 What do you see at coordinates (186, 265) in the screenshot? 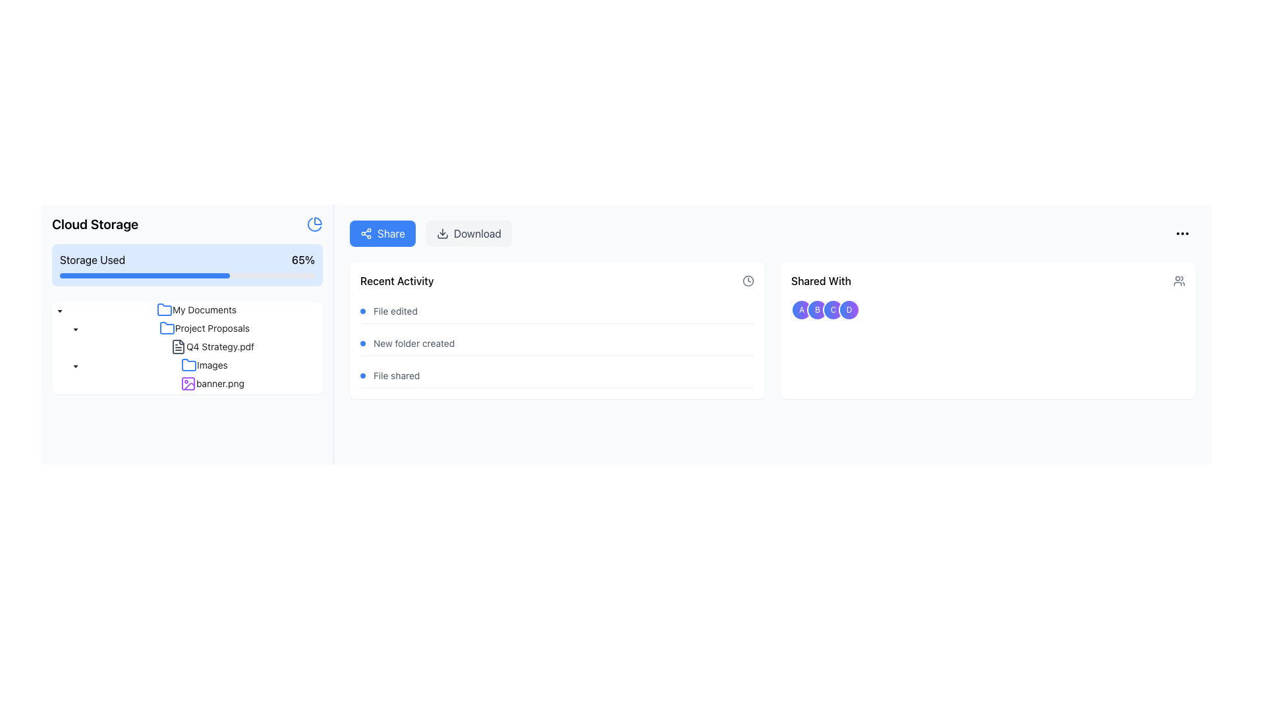
I see `storage information from the progress indicator located below the 'Cloud Storage' title, centered in the leftmost column of the interface, above the list of file folders` at bounding box center [186, 265].